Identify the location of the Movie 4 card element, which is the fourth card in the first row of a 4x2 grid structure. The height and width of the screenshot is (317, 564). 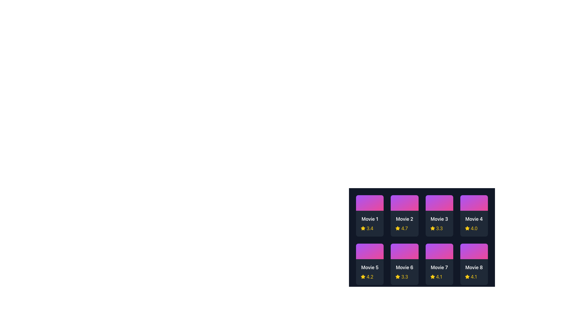
(474, 216).